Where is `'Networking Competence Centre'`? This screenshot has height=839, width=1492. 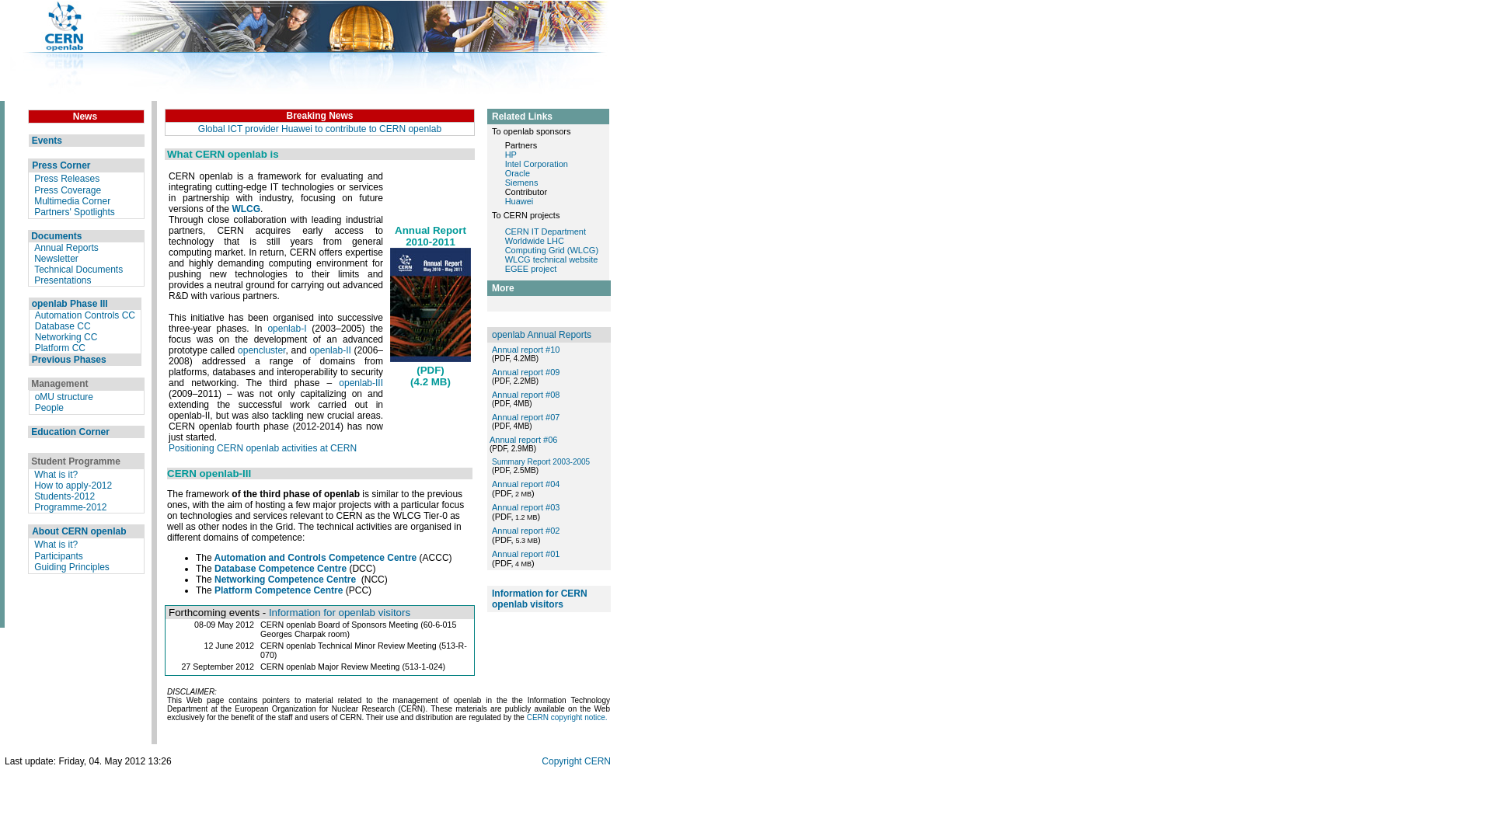
'Networking Competence Centre' is located at coordinates (284, 579).